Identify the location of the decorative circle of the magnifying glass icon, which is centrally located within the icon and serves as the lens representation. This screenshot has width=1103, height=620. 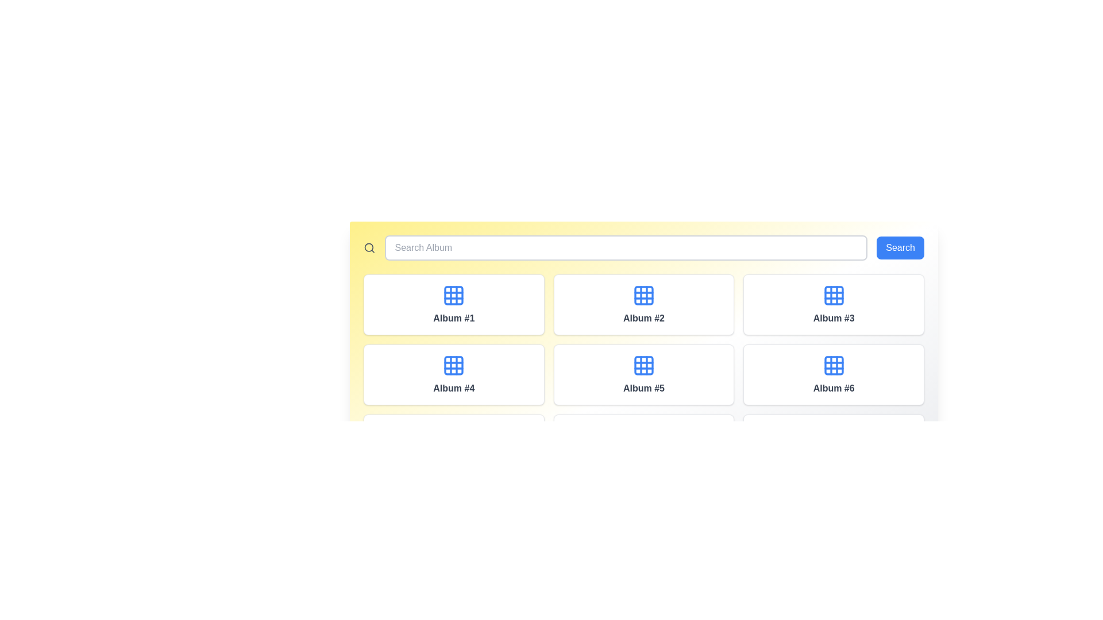
(369, 247).